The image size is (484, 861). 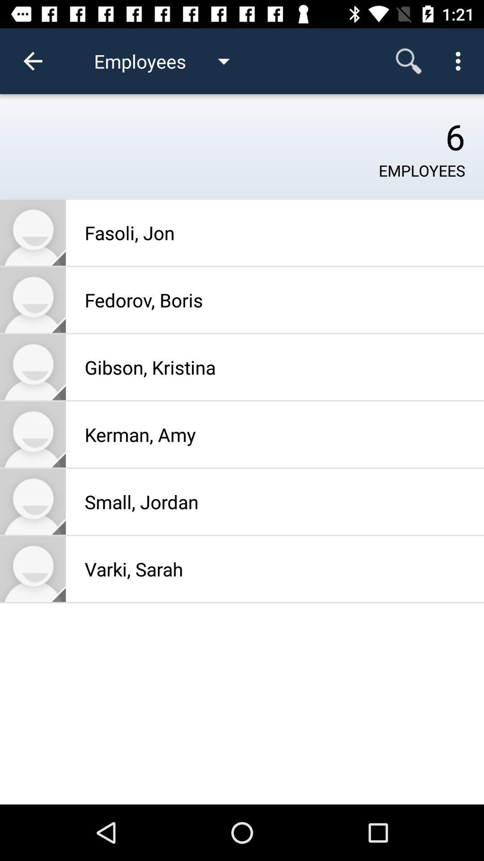 What do you see at coordinates (32, 568) in the screenshot?
I see `show picture of contact` at bounding box center [32, 568].